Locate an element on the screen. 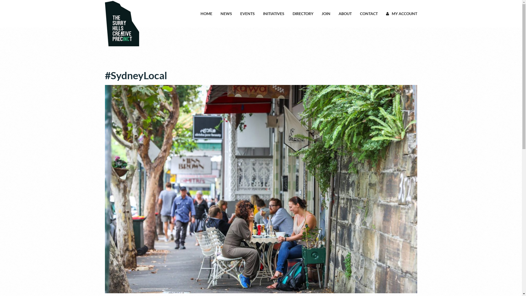  'EVENTS' is located at coordinates (247, 13).